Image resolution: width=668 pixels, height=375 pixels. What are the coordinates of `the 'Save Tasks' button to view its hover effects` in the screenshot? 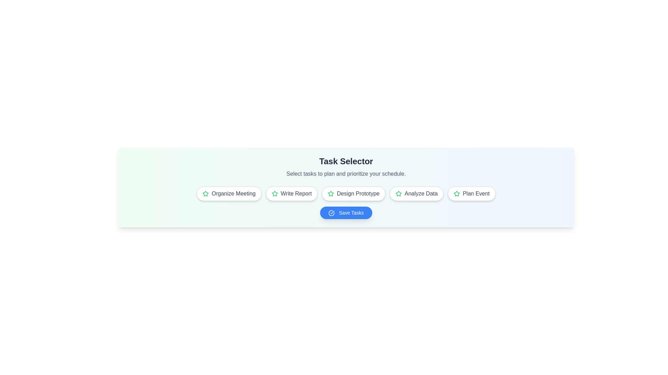 It's located at (346, 212).